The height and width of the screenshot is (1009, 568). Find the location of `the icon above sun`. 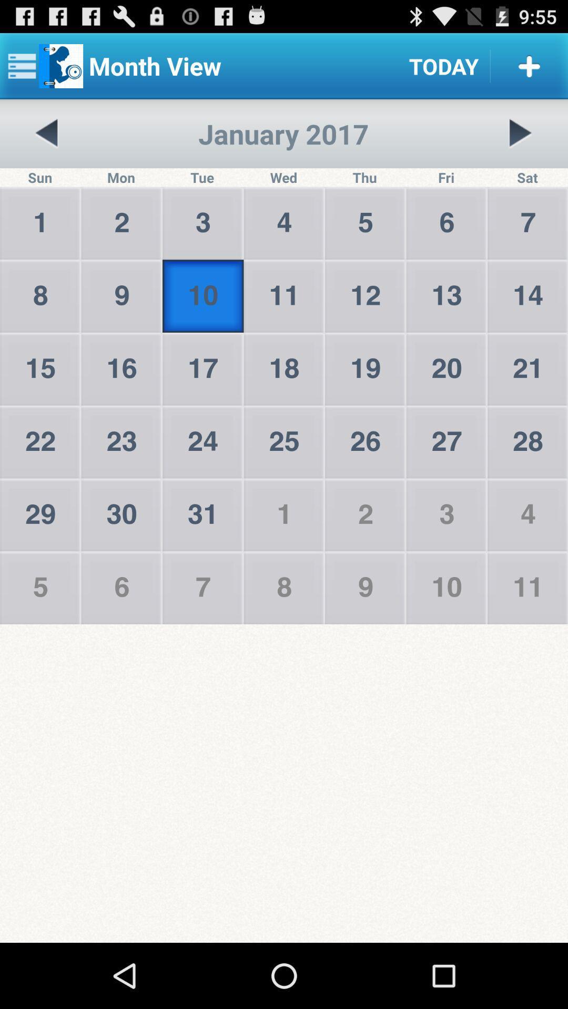

the icon above sun is located at coordinates (46, 133).